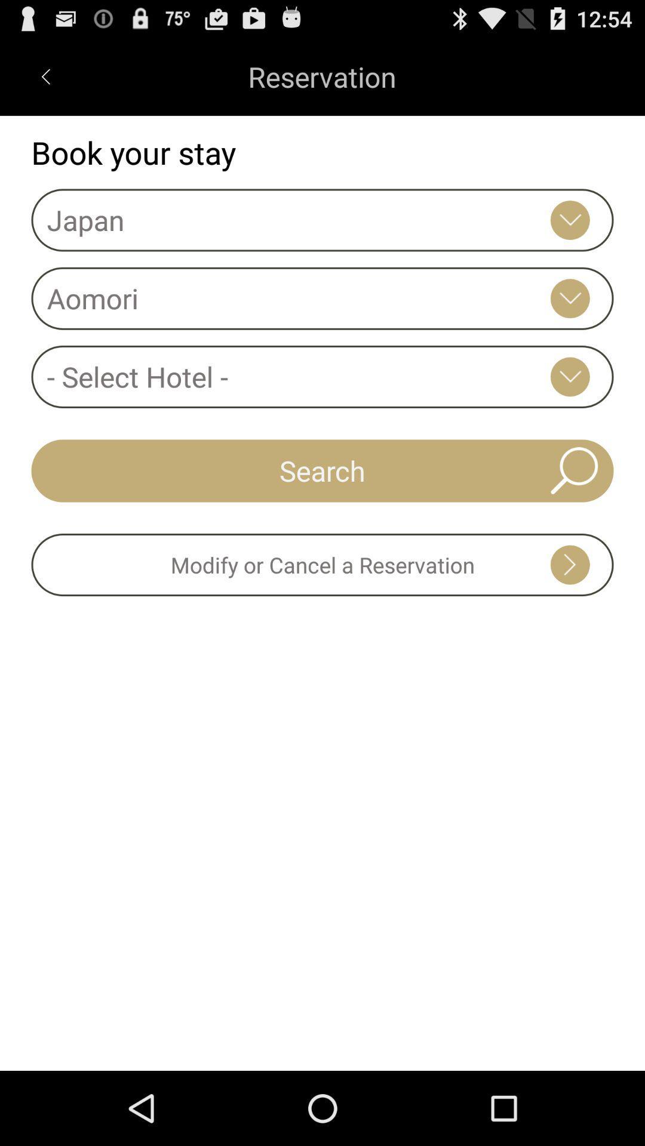 This screenshot has height=1146, width=645. I want to click on the 2nd scroll down icon, so click(570, 298).